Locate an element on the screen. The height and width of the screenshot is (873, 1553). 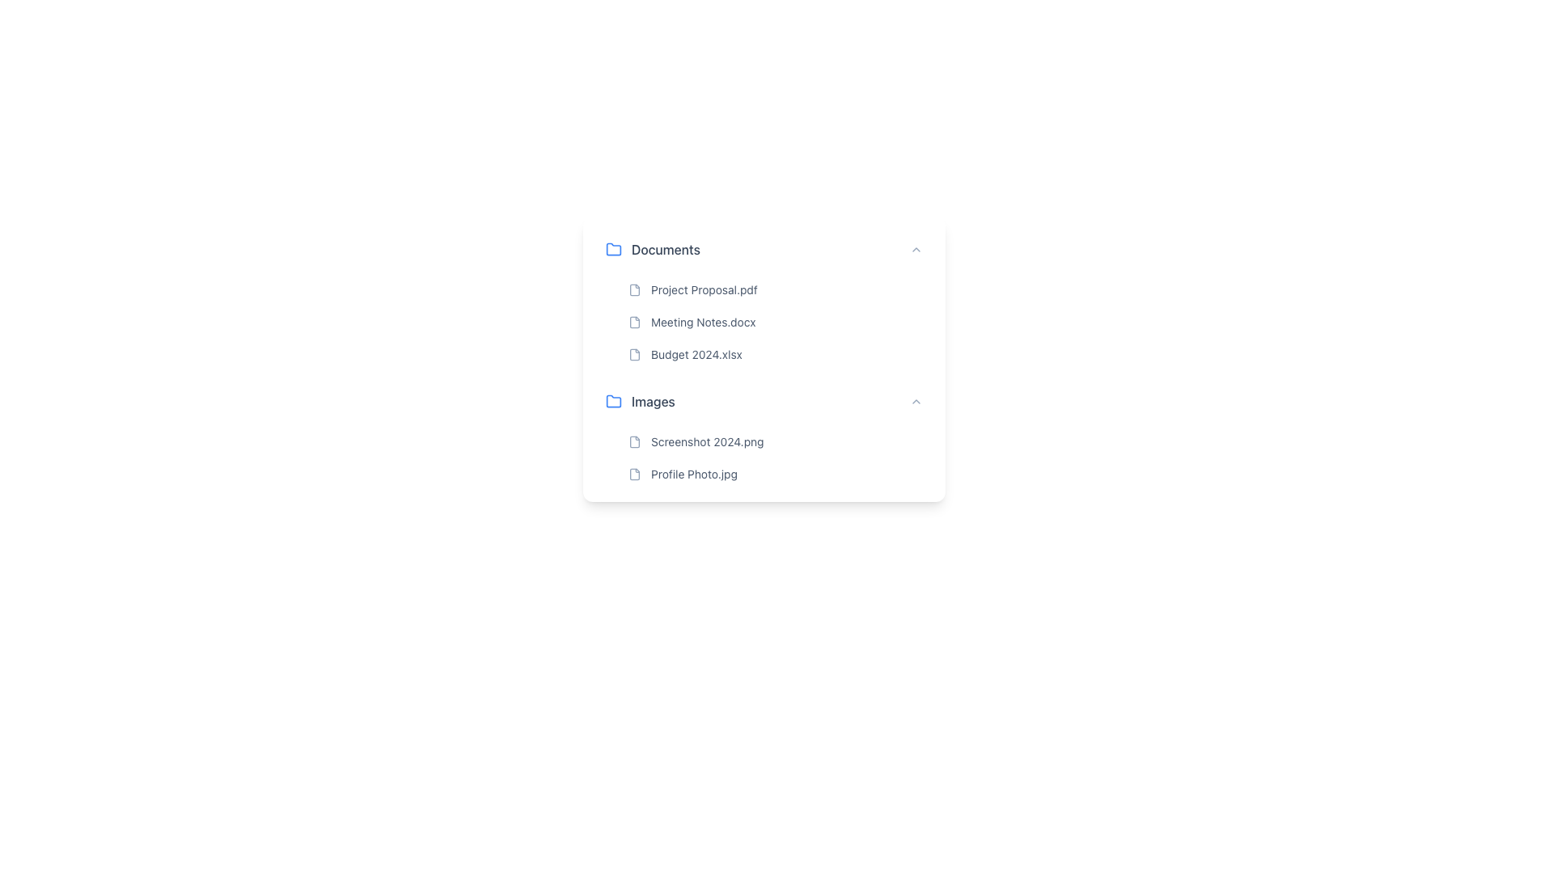
the document file icon representing 'Meeting Notes.docx', which is the first icon in the row aligned with the text in the 'Documents' section is located at coordinates (634, 322).